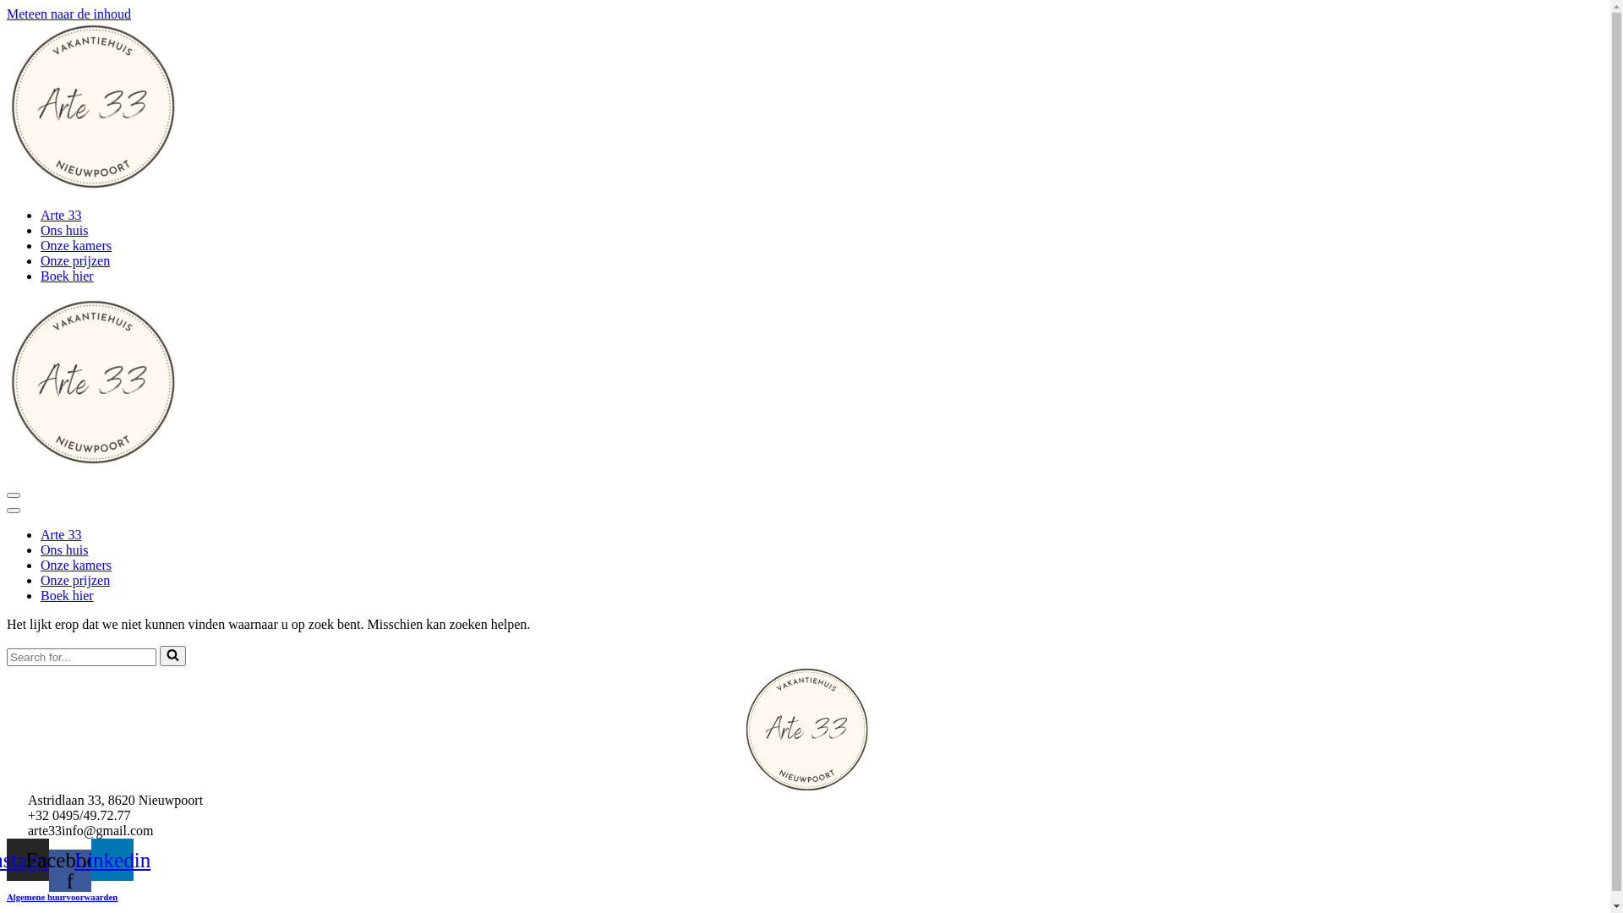 The image size is (1623, 913). What do you see at coordinates (41, 565) in the screenshot?
I see `'Onze kamers'` at bounding box center [41, 565].